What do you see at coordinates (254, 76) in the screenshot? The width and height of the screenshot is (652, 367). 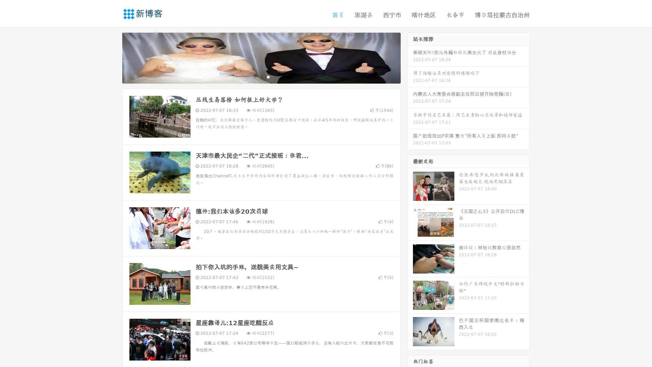 I see `Go to slide 1` at bounding box center [254, 76].